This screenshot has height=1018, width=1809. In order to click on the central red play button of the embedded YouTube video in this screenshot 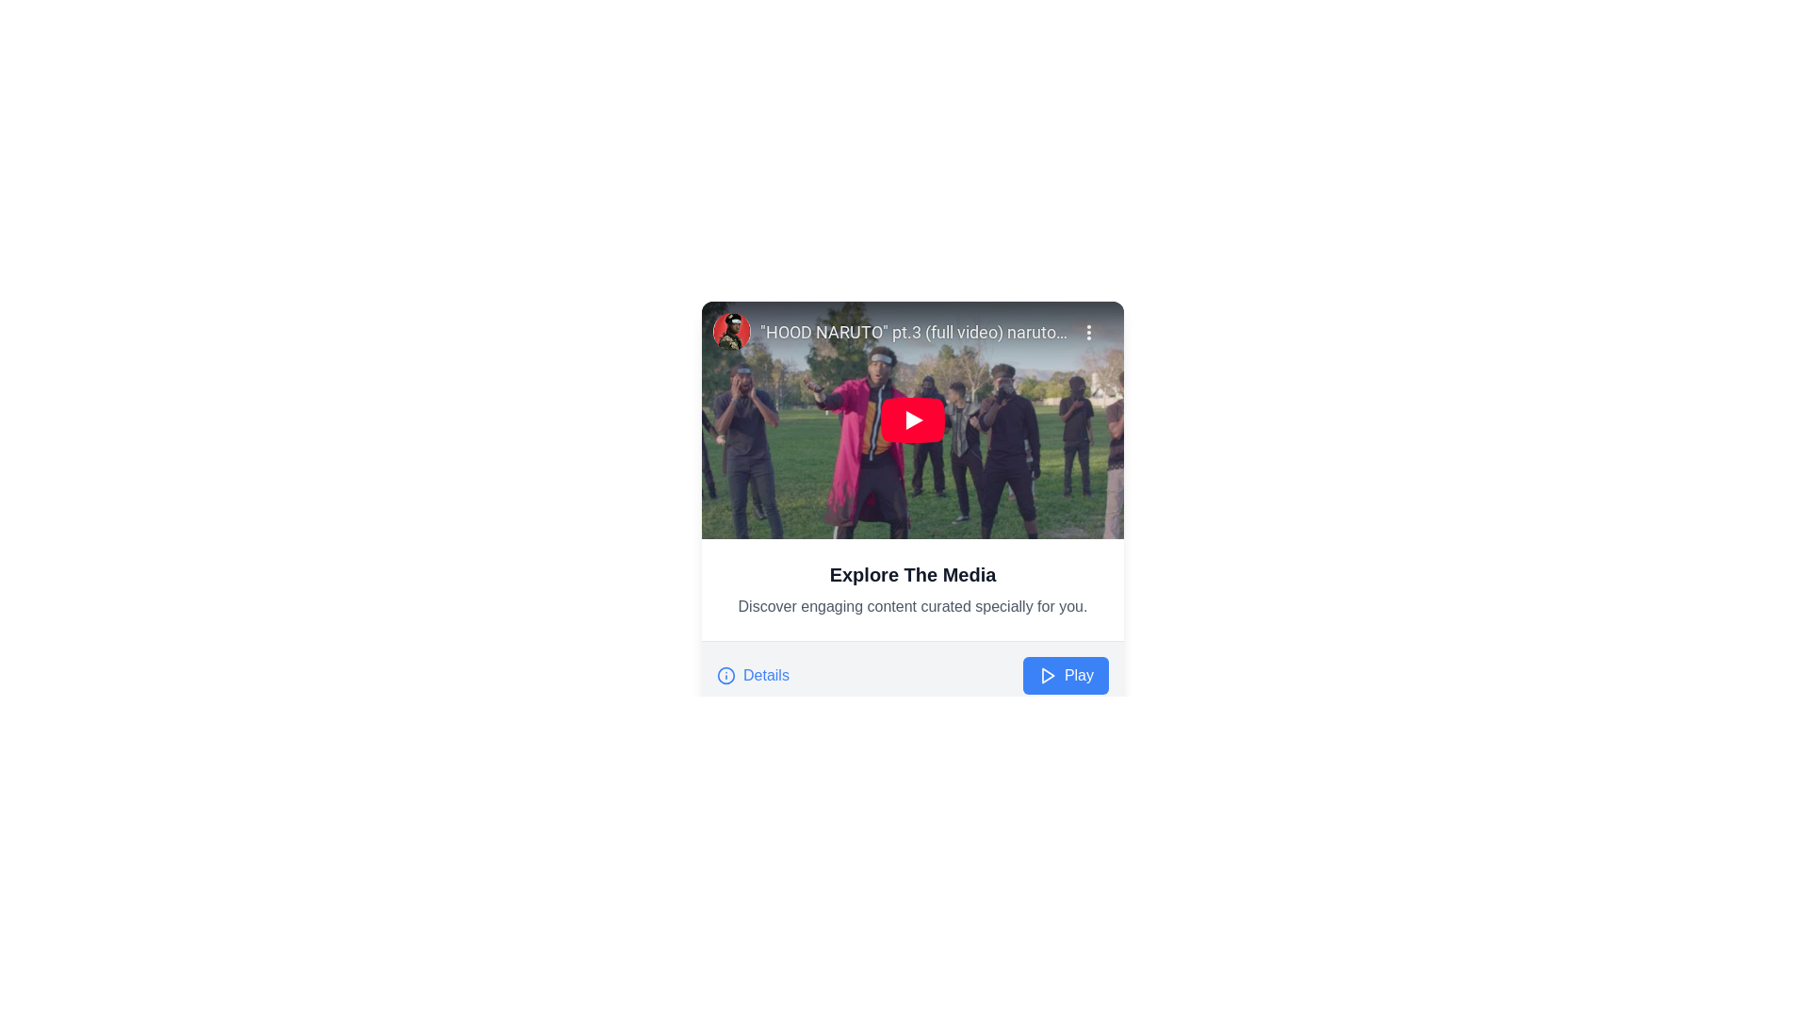, I will do `click(913, 419)`.